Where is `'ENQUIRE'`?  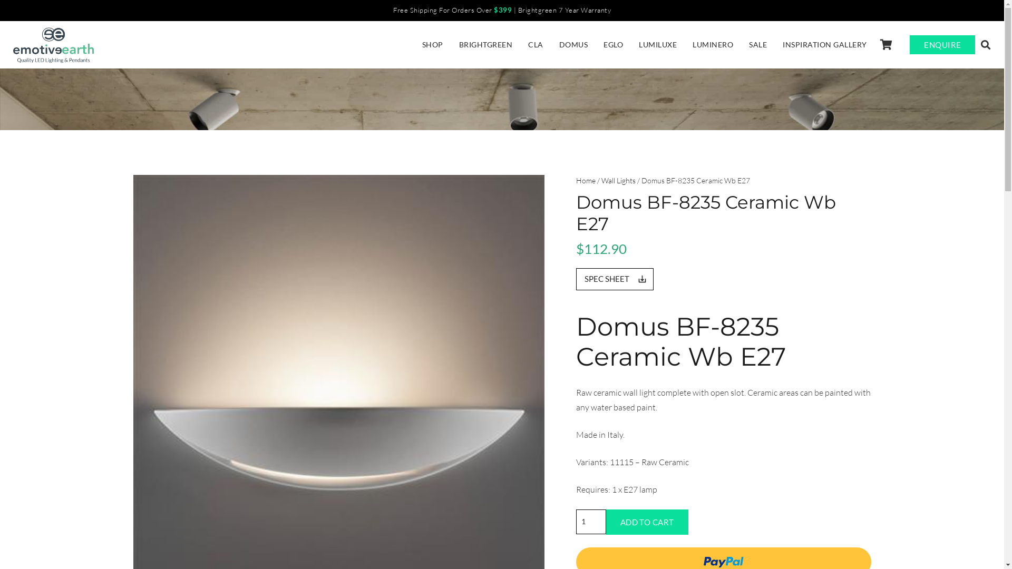 'ENQUIRE' is located at coordinates (909, 44).